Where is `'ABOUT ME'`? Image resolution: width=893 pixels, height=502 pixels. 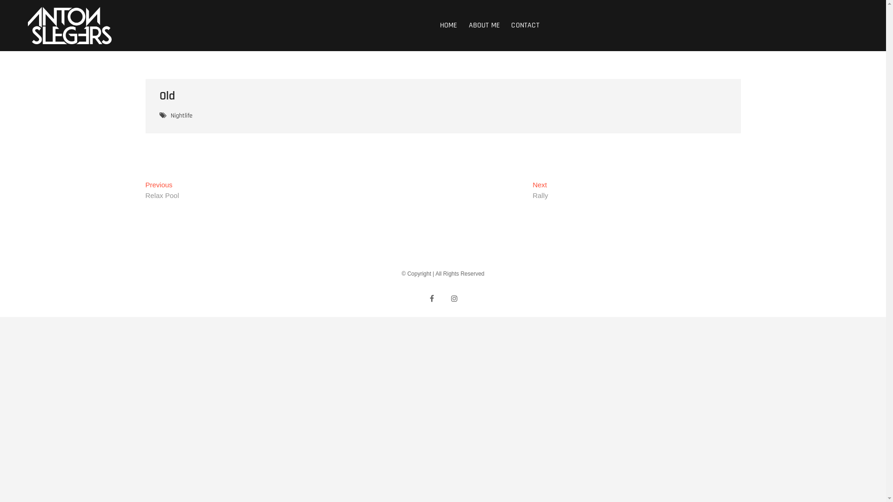
'ABOUT ME' is located at coordinates (484, 25).